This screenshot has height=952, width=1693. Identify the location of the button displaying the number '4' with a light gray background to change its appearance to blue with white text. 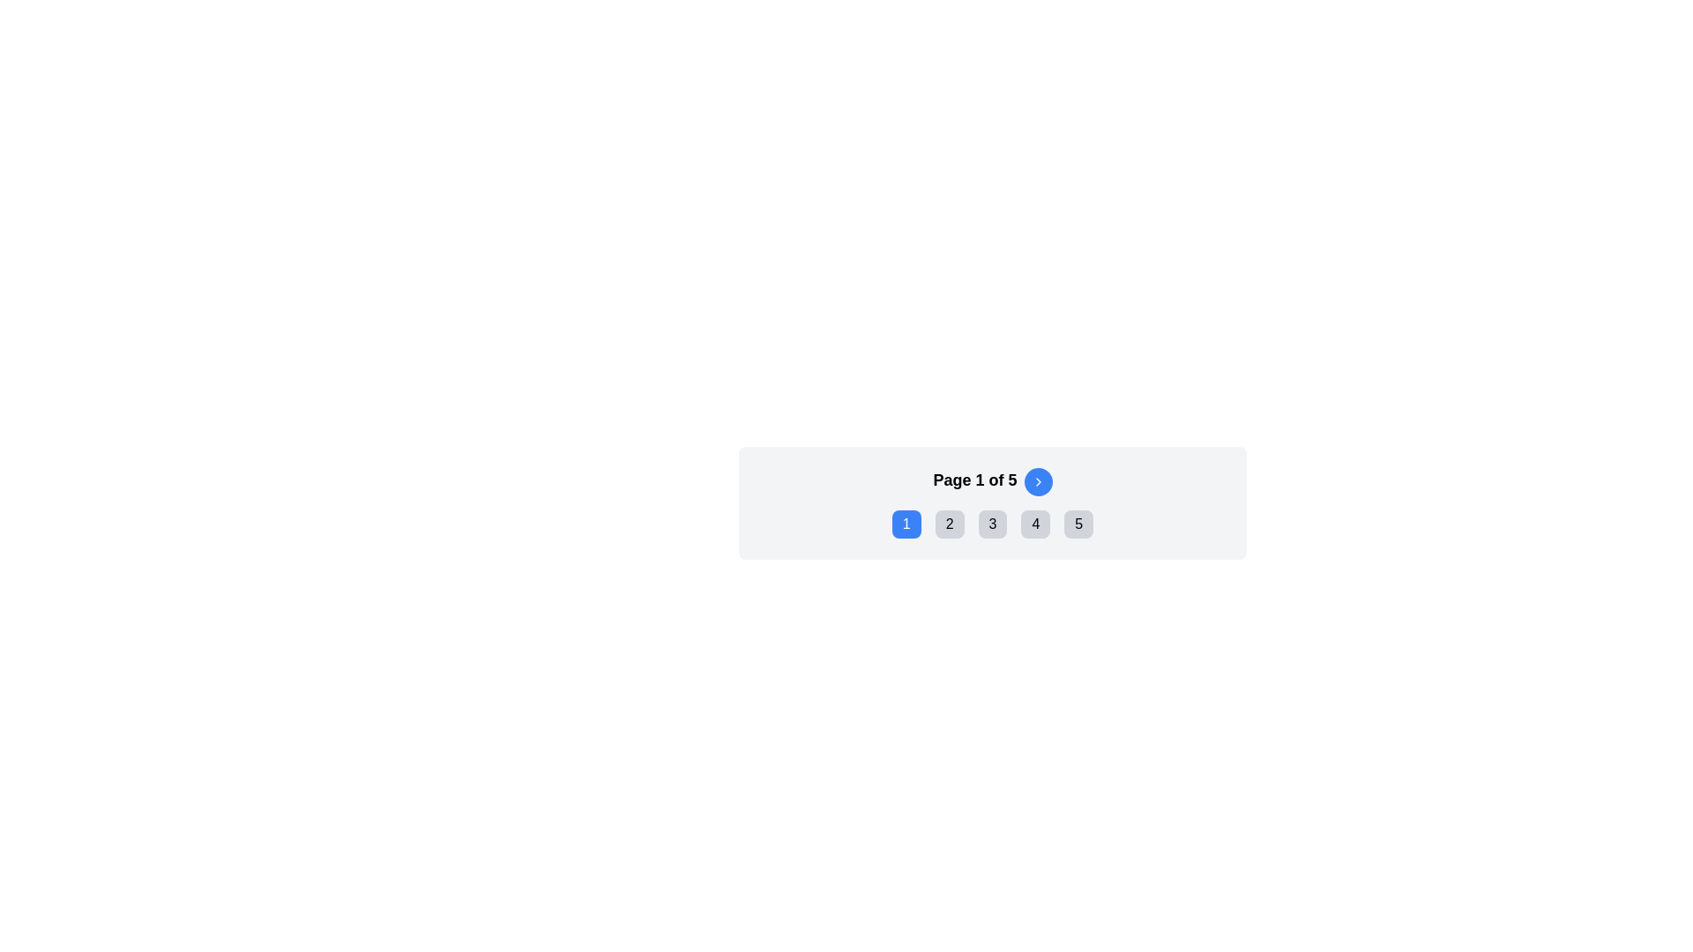
(1035, 523).